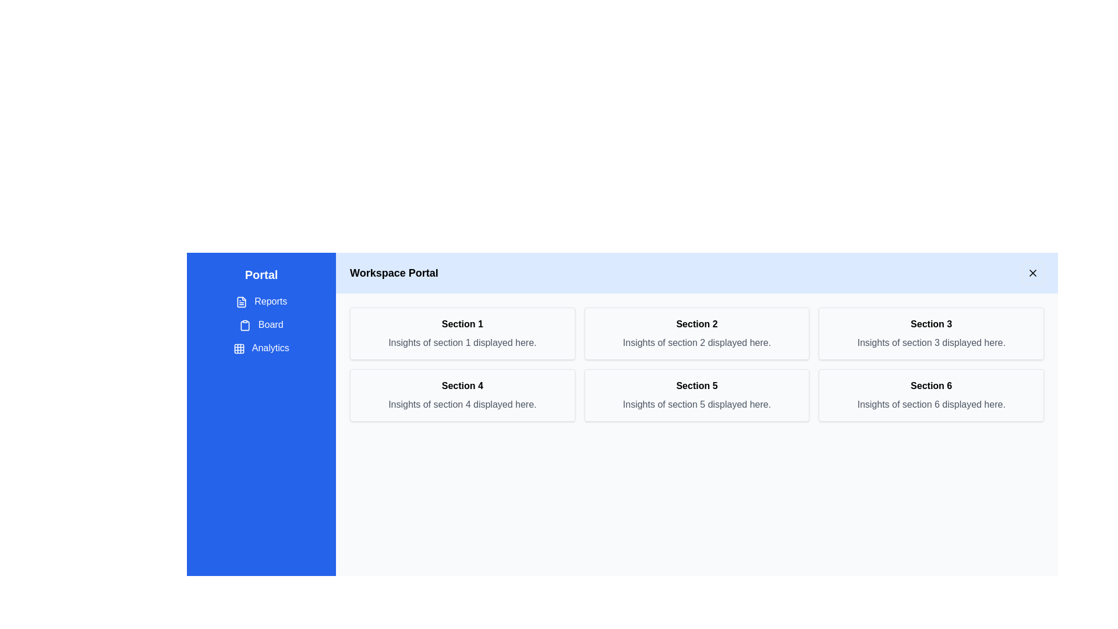 The height and width of the screenshot is (629, 1118). I want to click on the informational card titled 'Section 2' located in the grid under 'Workspace Portal', positioned between 'Section 1' and 'Section 3', so click(696, 334).